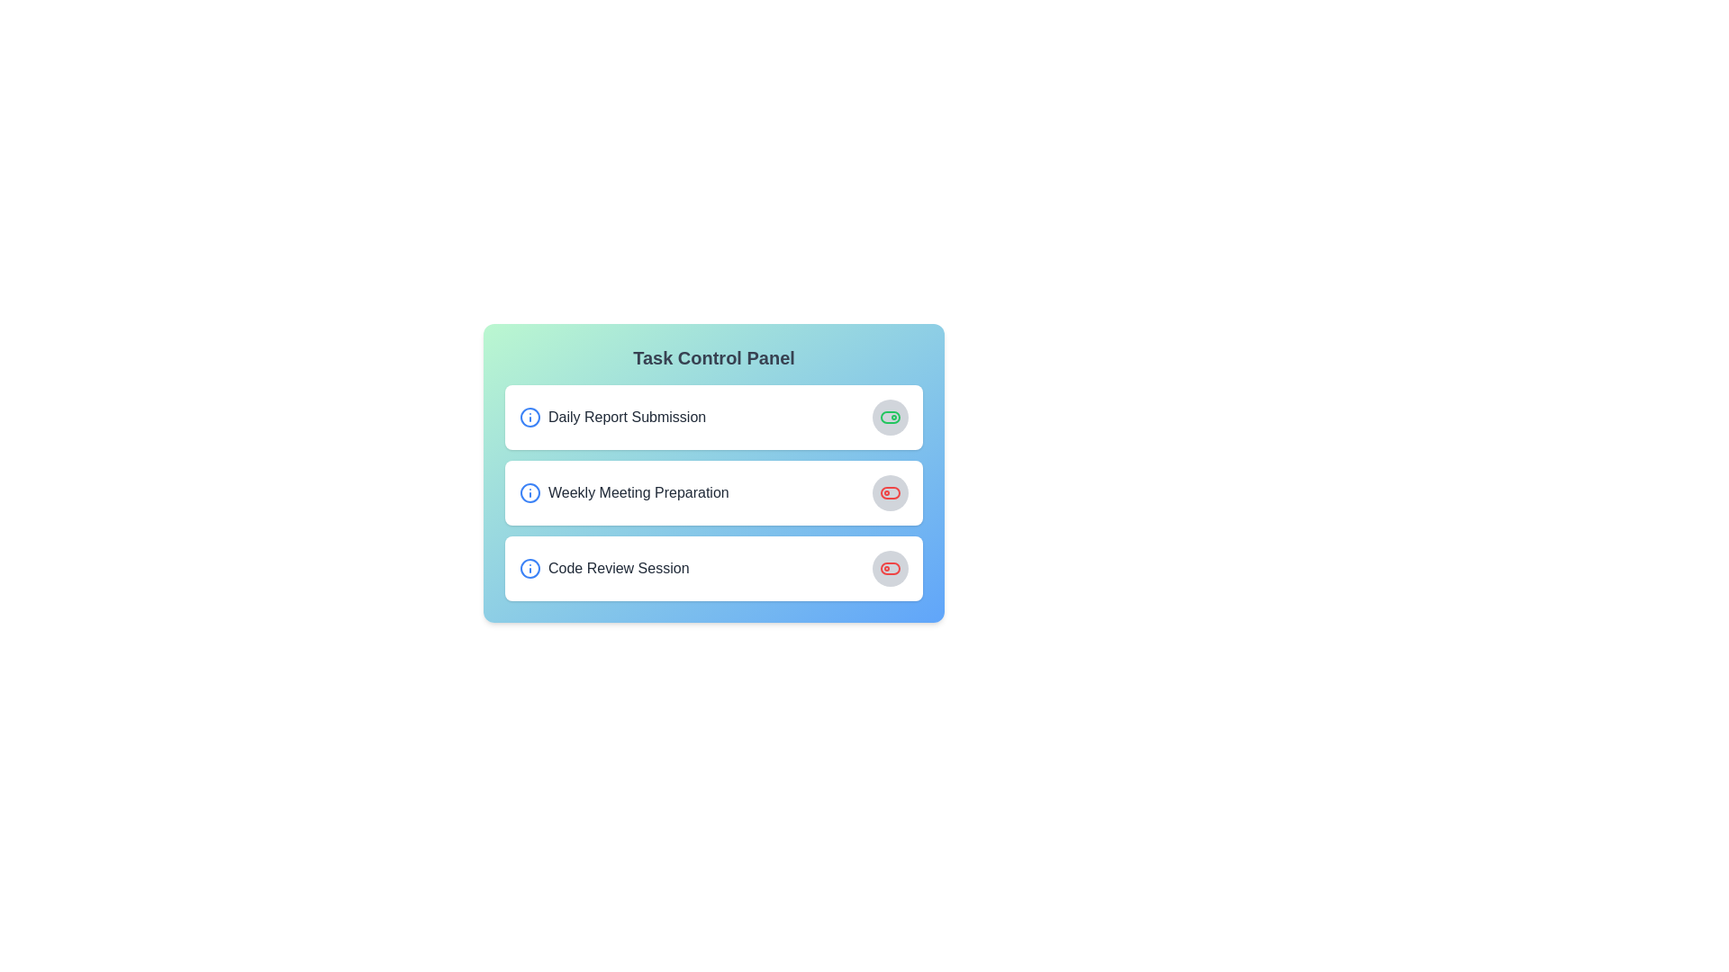  Describe the element at coordinates (712, 492) in the screenshot. I see `the task item within the 'Task Control Panel'` at that location.